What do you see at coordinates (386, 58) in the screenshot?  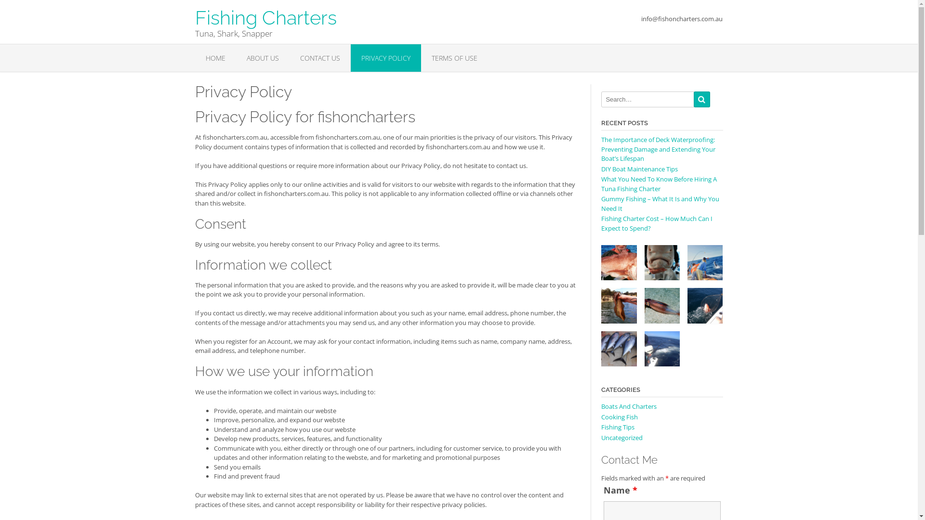 I see `'PRIVACY POLICY'` at bounding box center [386, 58].